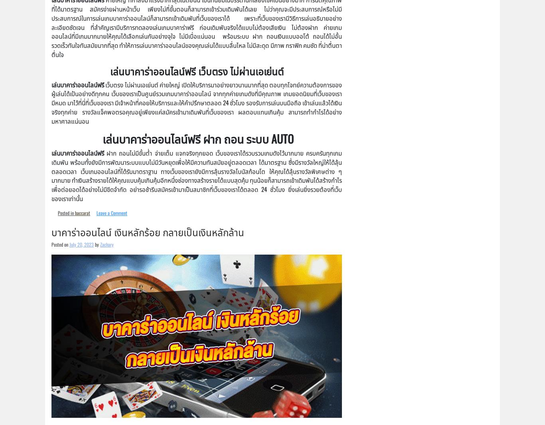  What do you see at coordinates (196, 102) in the screenshot?
I see `'เว็บตรง ไม่ผ่านเอเย่นต์ ค่ายใหญ่ เปิดให้บริการมาอย่างยาวนานมากที่สุด ตอบทุกโจทย์ความต้องการของผู้เล่นได้เป้นอย่างดีทุกคน เว็บของเราเป็นศูนย์รวมเกมบาคาร่าออนไลน์ จากทุกค่ายเกมดังที่มีคุณภาพ เกมยอดนิยมที่เว็บของเรามีหมด มาไว้ที่นี่ที่เว็บของเรา มีเจ้าหน้าที่คอยให้บริการและให้คำปรึกษาตลอด 24 ชั่วโมง รองรับการเล่นบนมือถือ เข้าเล่นแล้วได้เงินจริงทุกค่าย รางวัลแจ็คพอตรอคุณอยู่เพียงแค่สมัครเข้ามาเดิมพันที่เว็บของเรา ผลตอบแทนเกินคุ้ม สามารถทำกำไรได้อย่างมหาศาลแน่นอน'` at bounding box center [196, 102].